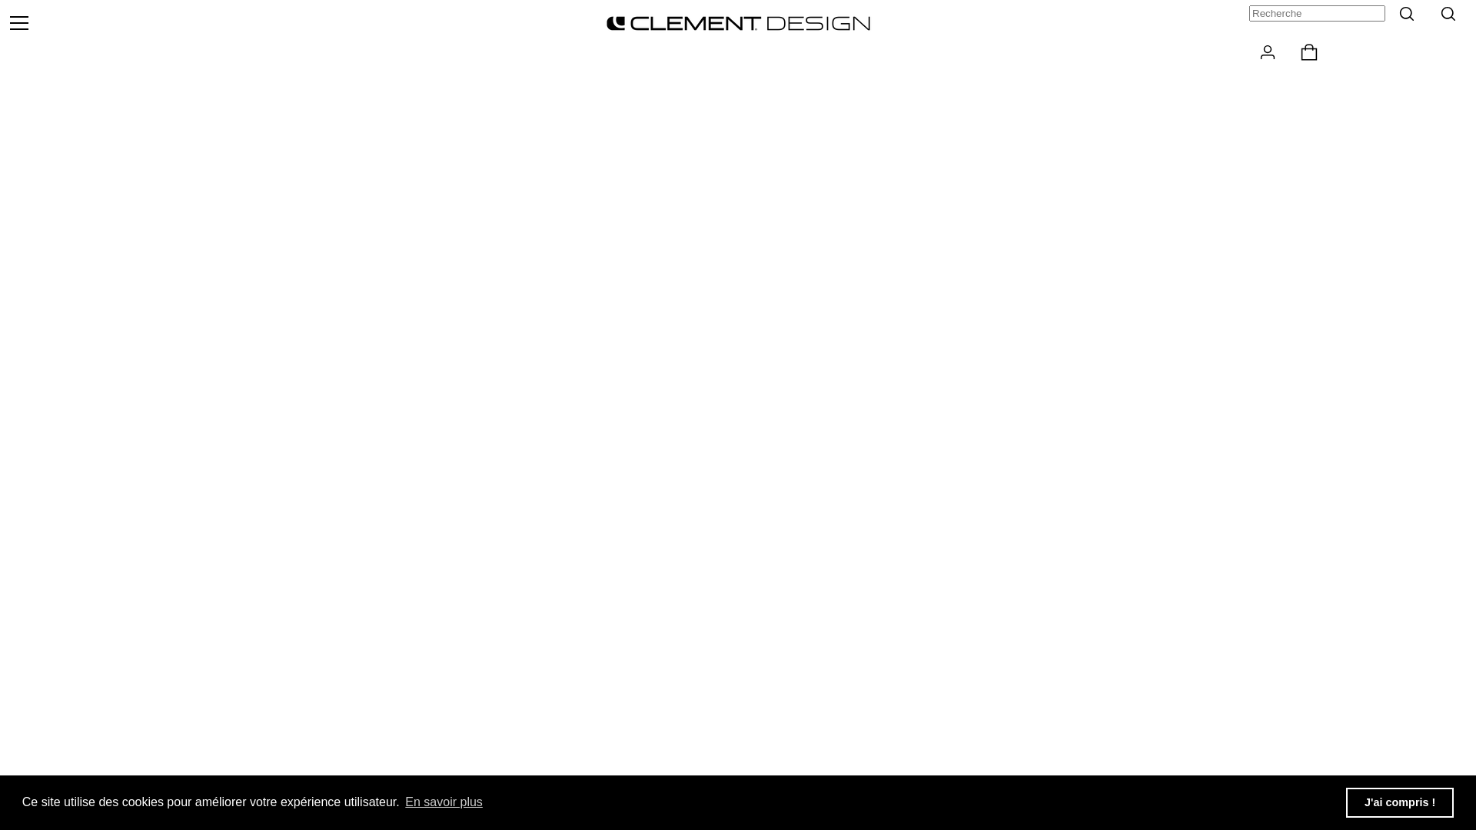  I want to click on 'SE CONNECTER', so click(1249, 51).